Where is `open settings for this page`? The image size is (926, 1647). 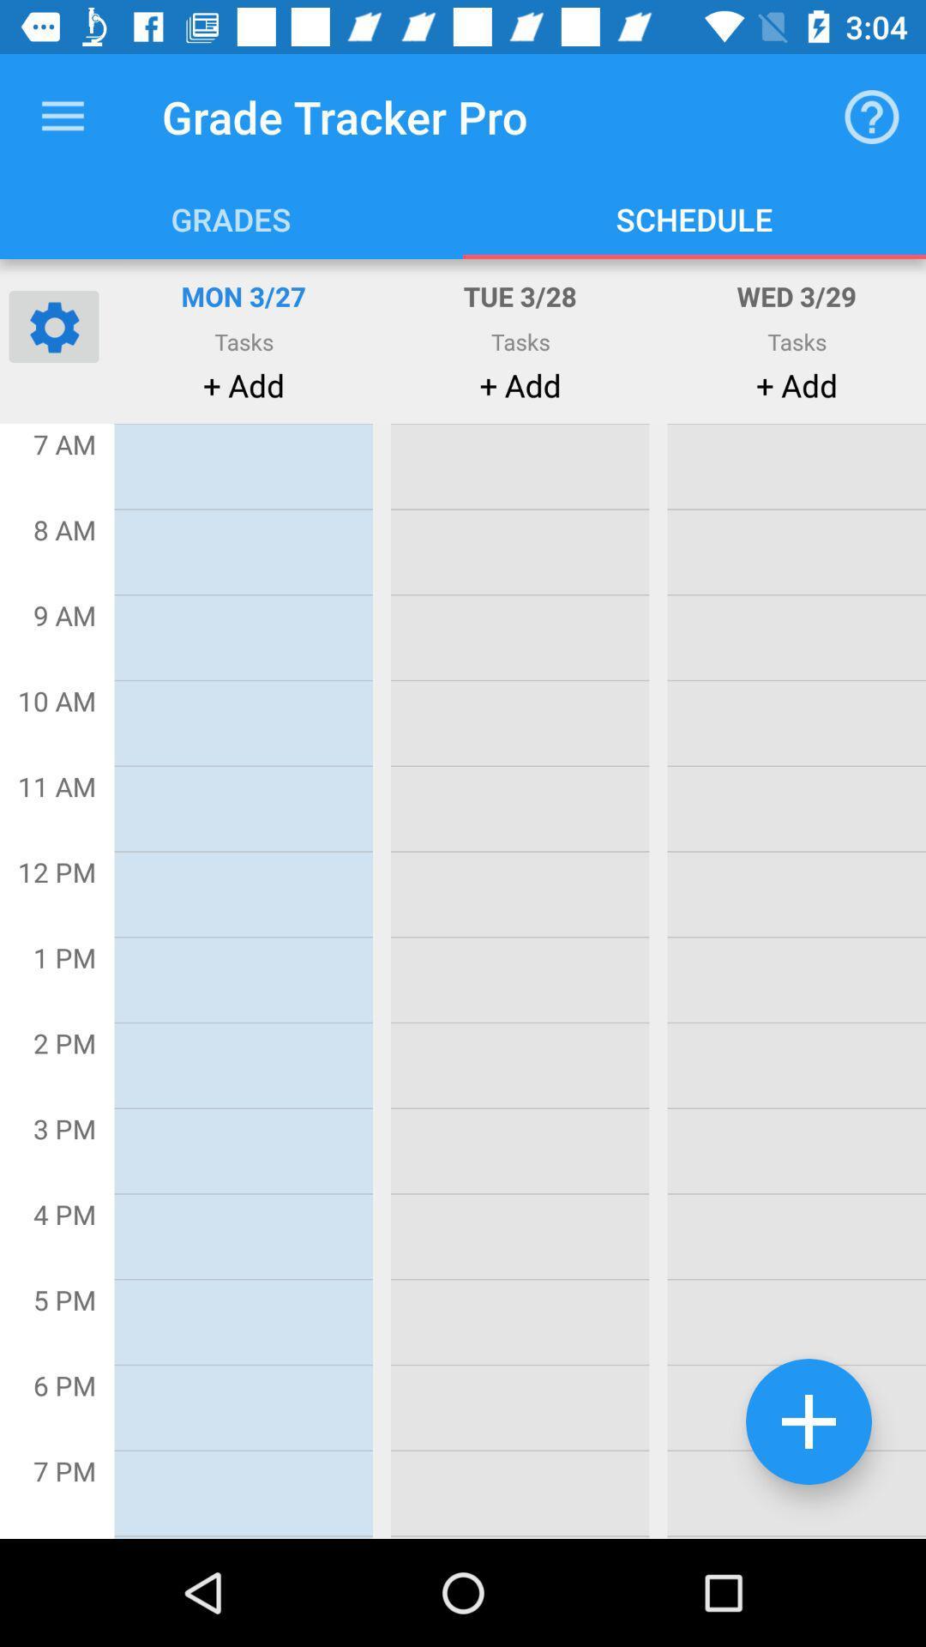
open settings for this page is located at coordinates (52, 326).